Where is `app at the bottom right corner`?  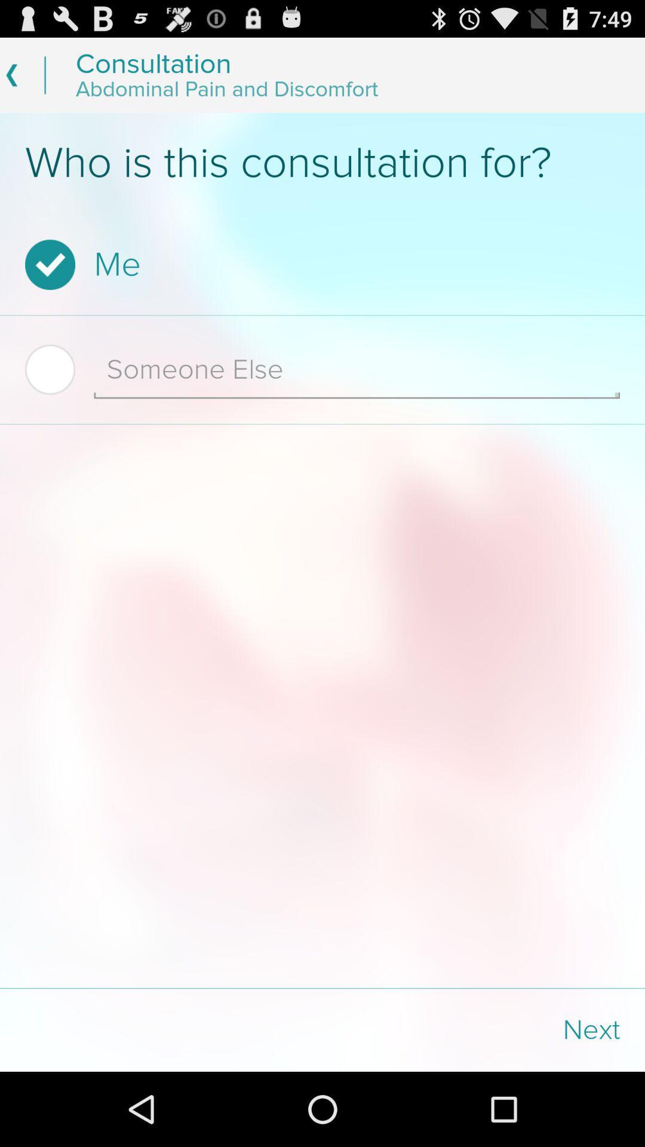
app at the bottom right corner is located at coordinates (484, 1029).